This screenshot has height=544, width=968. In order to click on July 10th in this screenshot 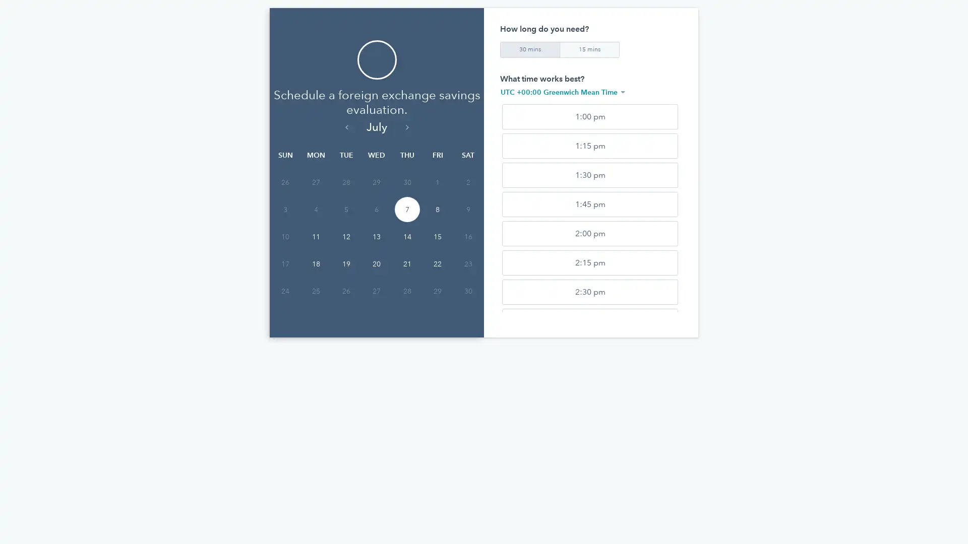, I will do `click(285, 237)`.